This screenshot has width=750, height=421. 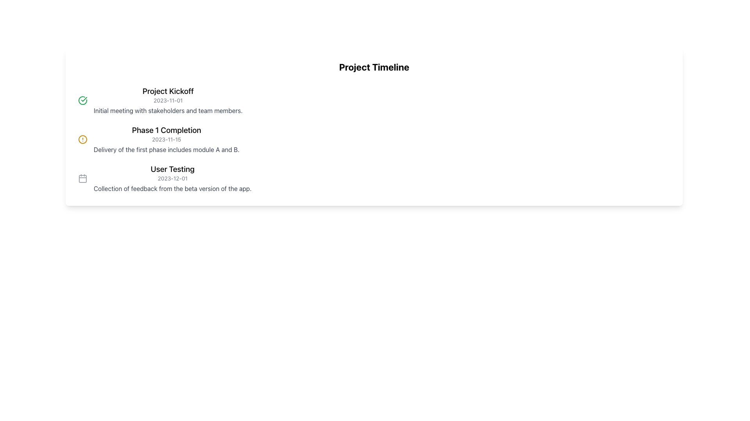 What do you see at coordinates (166, 130) in the screenshot?
I see `the text label that reads 'Phase 1 Completion', which is prominently styled in large bold font within the project timeline` at bounding box center [166, 130].